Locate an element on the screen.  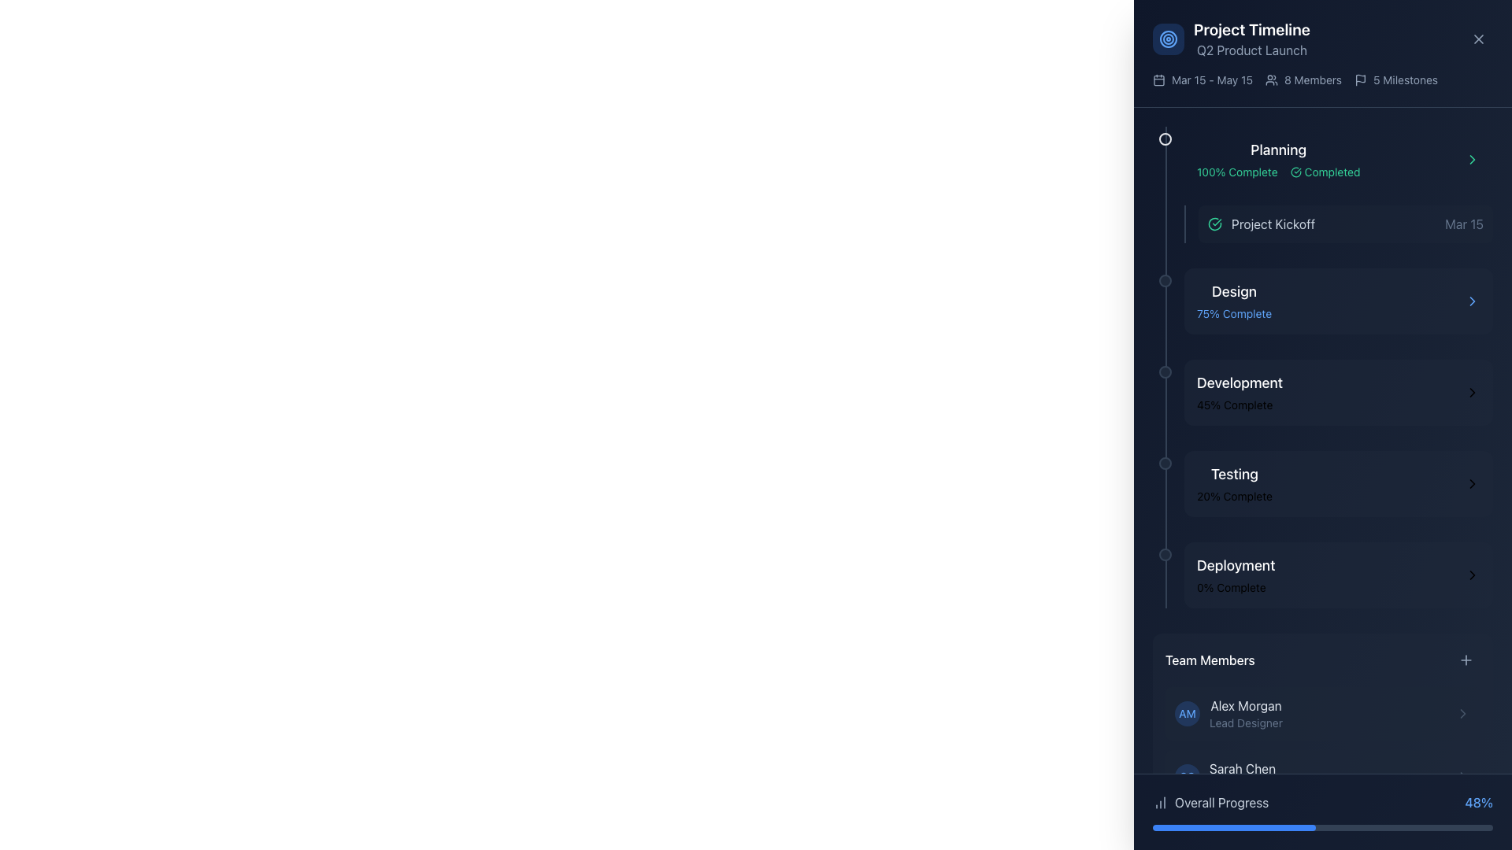
the text label element that displays the completion percentage of the 'Design' phase, located under the 'Design' milestone in the project timeline interface is located at coordinates (1233, 313).